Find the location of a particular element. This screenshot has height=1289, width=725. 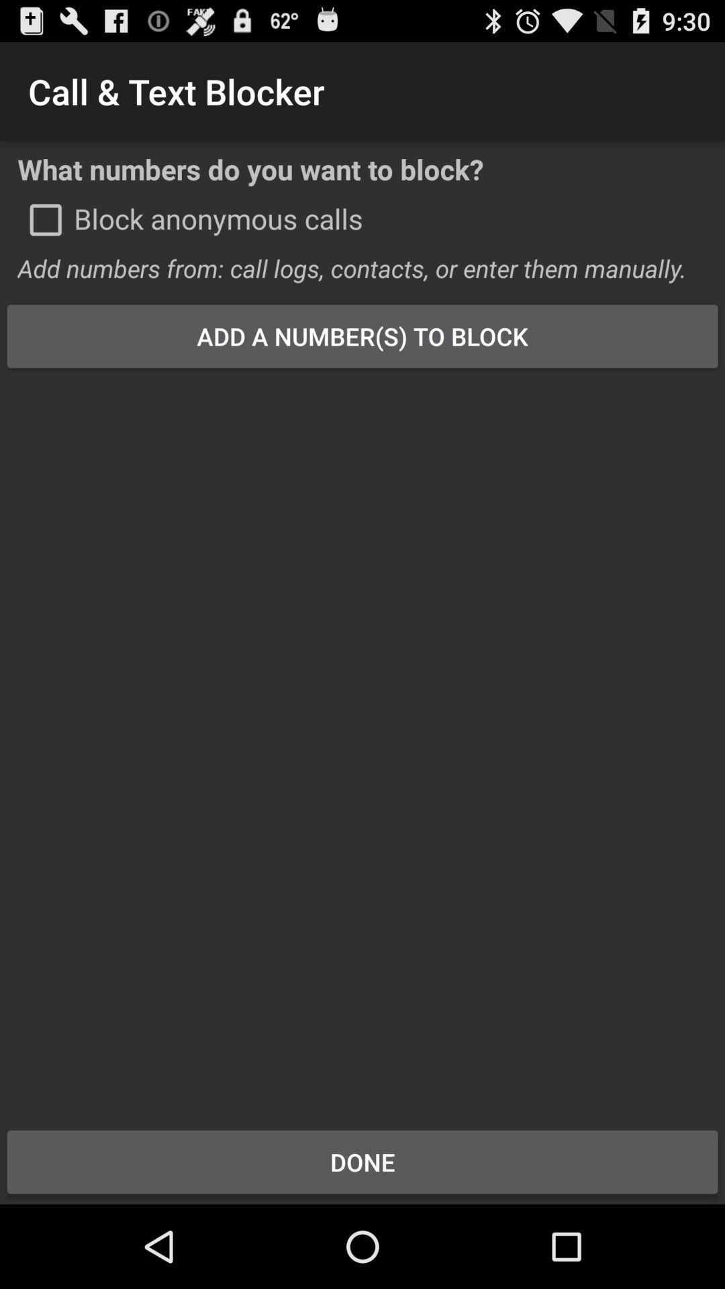

item at the center is located at coordinates (362, 739).